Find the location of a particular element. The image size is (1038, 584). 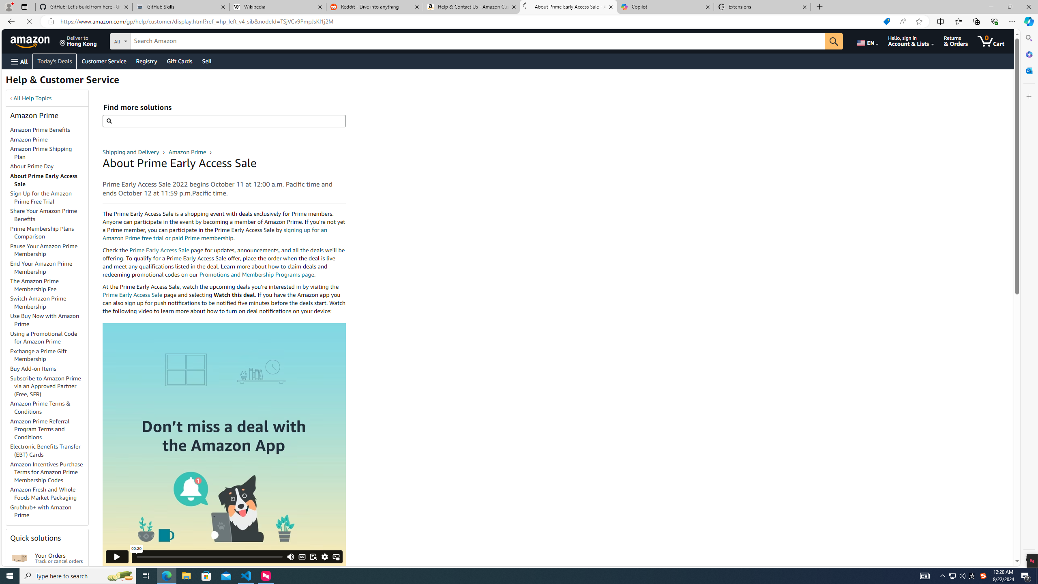

'Returns & Orders' is located at coordinates (962, 41).